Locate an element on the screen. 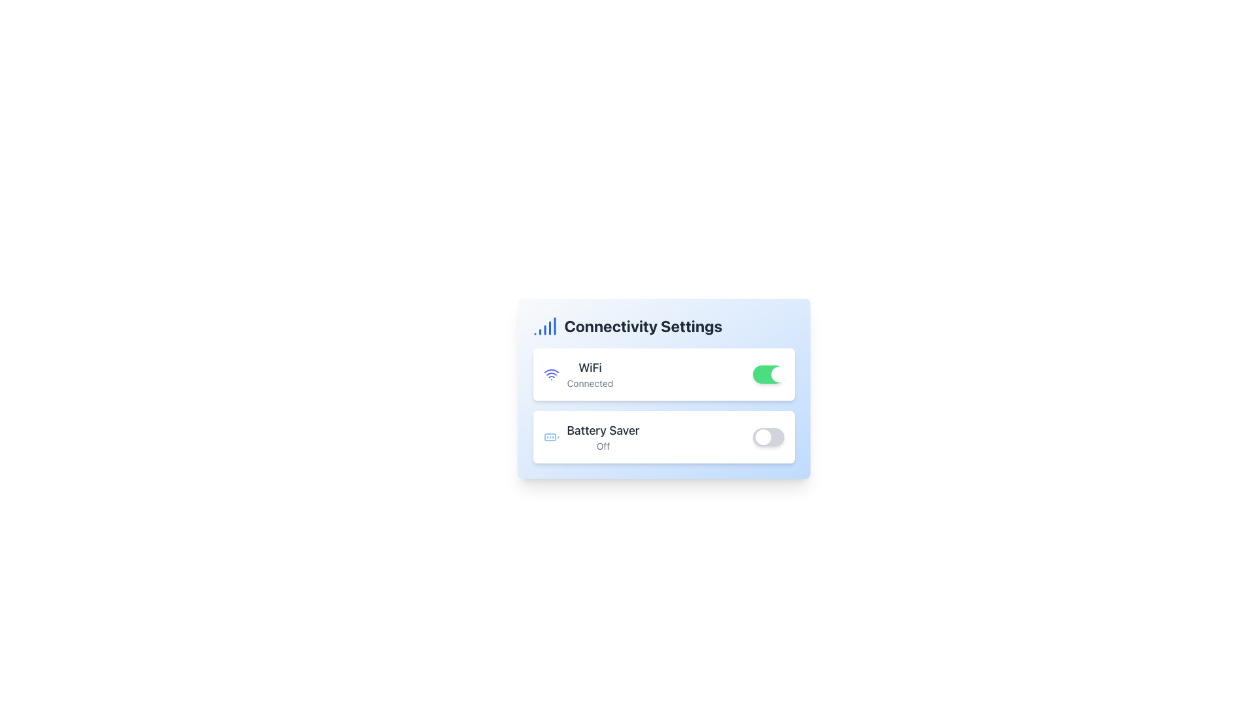 The image size is (1255, 706). the connectivity settings icon, which serves as a visual indicator for network settings and is positioned to the left of the 'Connectivity Settings' text is located at coordinates (544, 325).